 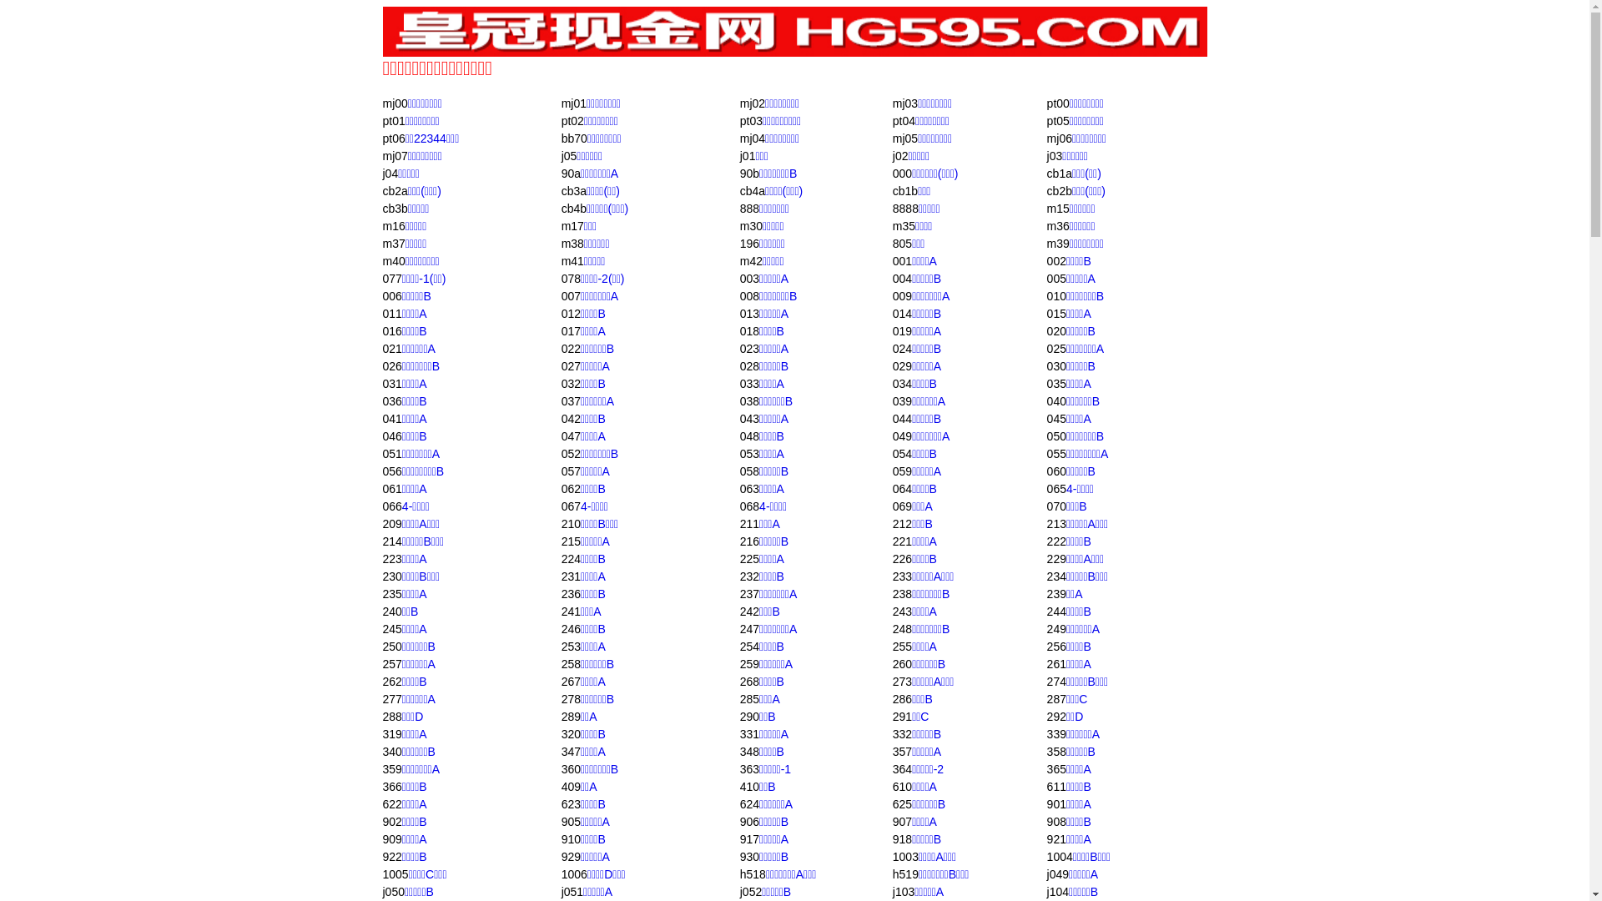 I want to click on 'cb1a', so click(x=1059, y=174).